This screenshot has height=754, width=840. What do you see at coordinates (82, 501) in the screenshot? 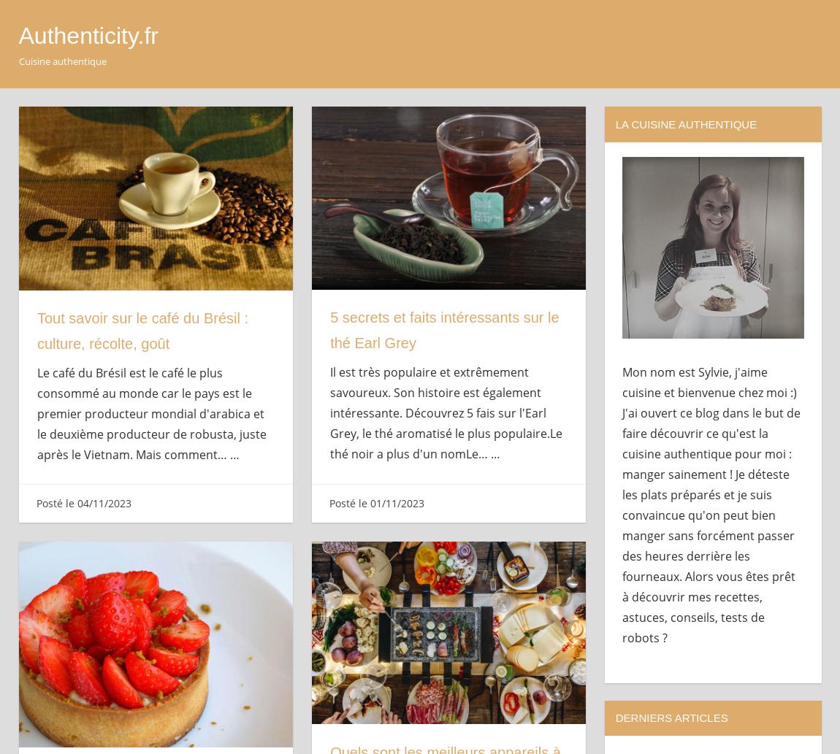
I see `'Posté le 04/11/2023'` at bounding box center [82, 501].